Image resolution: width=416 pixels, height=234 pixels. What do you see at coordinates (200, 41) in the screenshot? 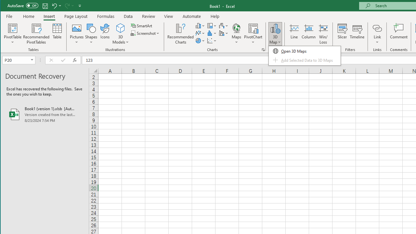
I see `'Insert Pie or Doughnut Chart'` at bounding box center [200, 41].